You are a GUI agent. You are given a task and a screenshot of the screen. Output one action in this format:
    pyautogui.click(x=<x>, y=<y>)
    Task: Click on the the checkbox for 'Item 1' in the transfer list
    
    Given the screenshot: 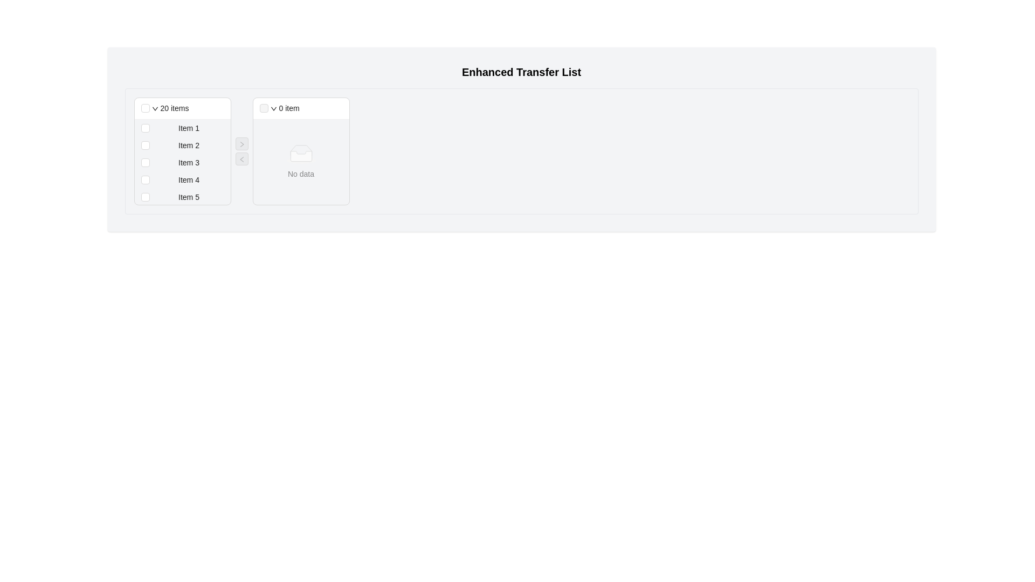 What is the action you would take?
    pyautogui.click(x=144, y=128)
    